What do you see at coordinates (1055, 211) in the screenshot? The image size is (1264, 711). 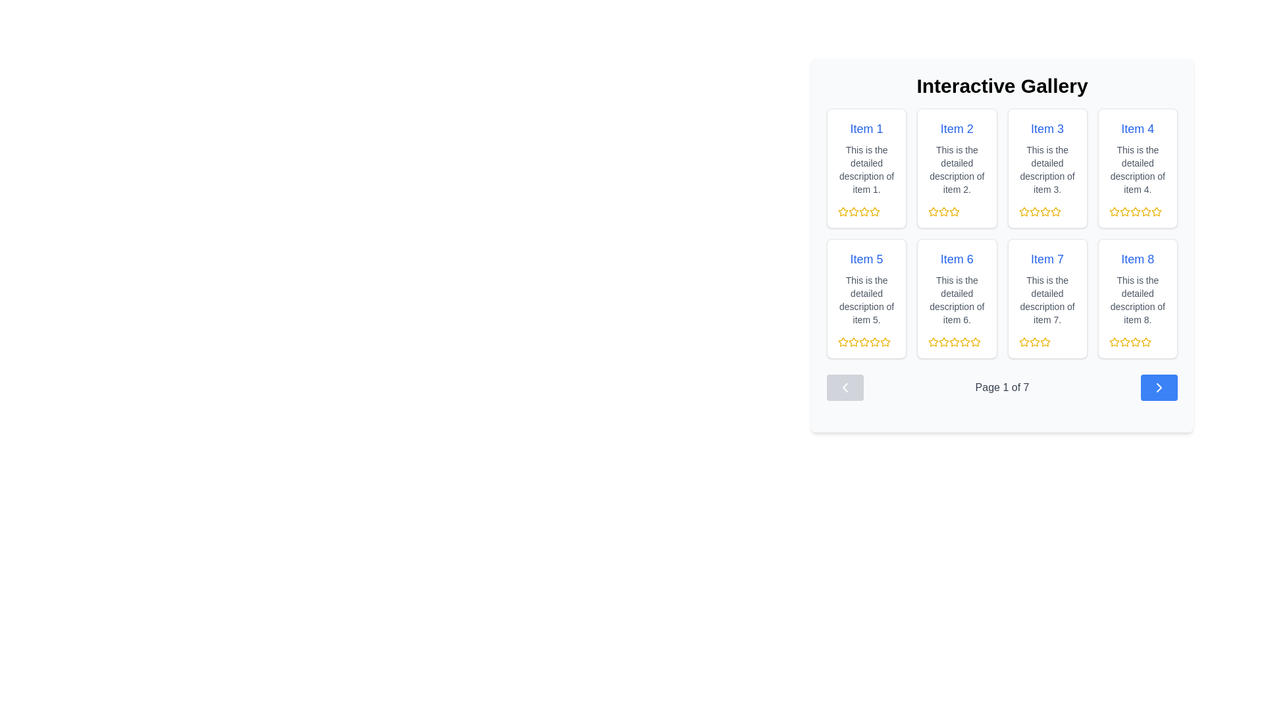 I see `the sixth yellow hollow star in the rating section of the third item under the 'Interactive Gallery' header` at bounding box center [1055, 211].